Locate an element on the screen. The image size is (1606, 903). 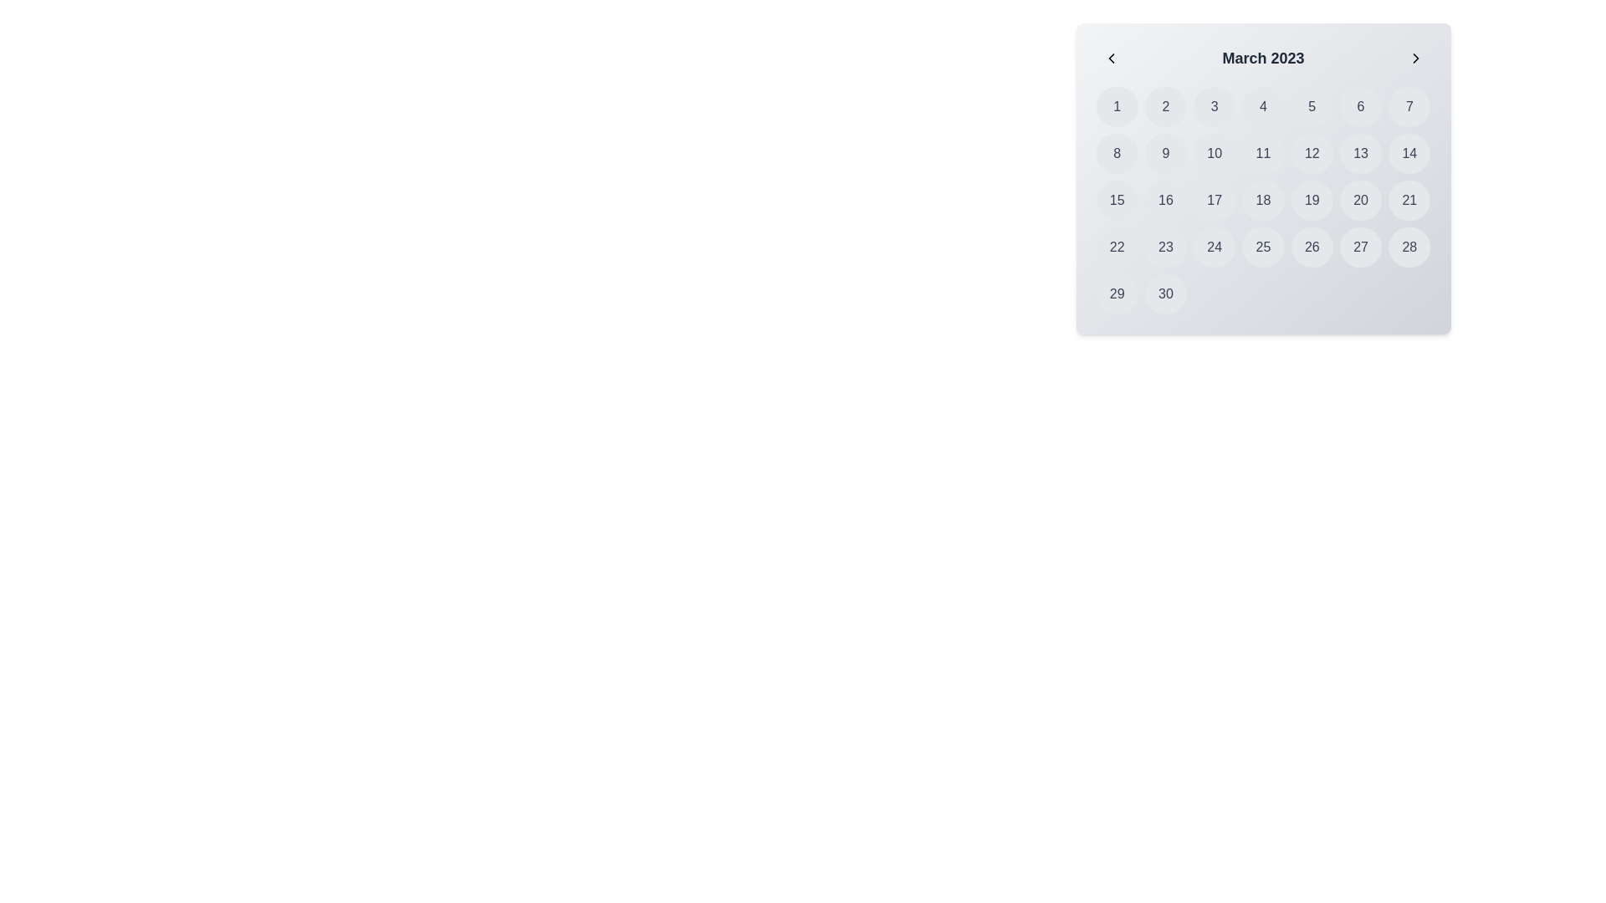
the button representing the day '19' in the calendar interface is located at coordinates (1311, 199).